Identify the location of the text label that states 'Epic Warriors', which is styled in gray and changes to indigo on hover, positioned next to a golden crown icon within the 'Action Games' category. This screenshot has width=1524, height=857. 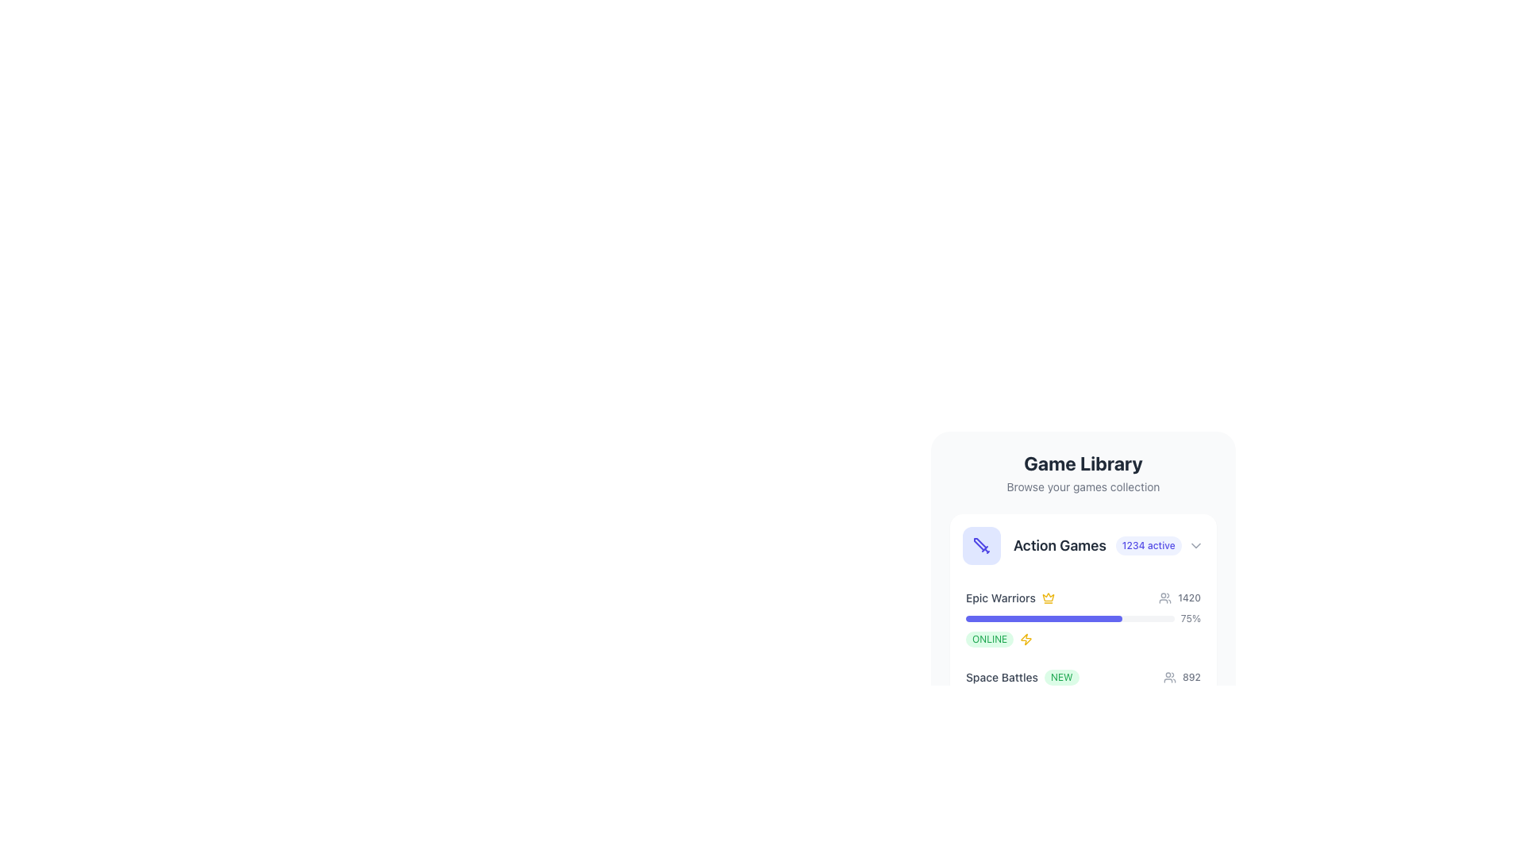
(999, 598).